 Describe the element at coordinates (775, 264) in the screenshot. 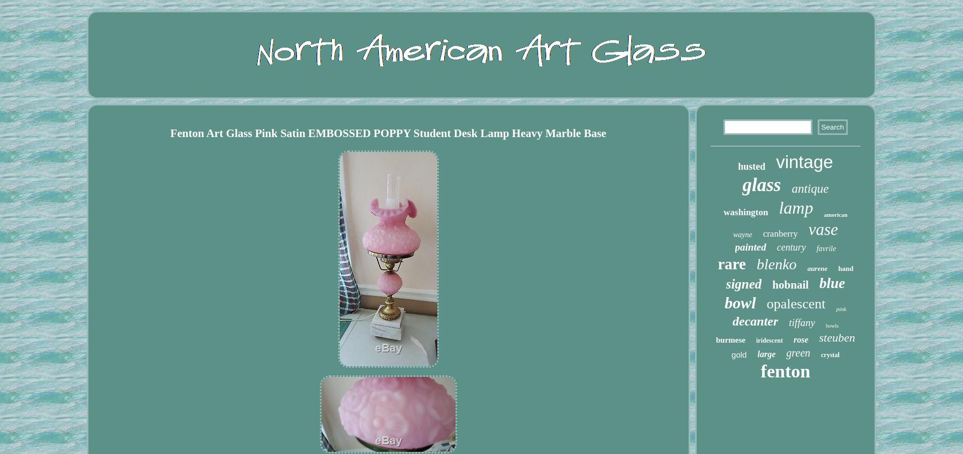

I see `'blenko'` at that location.